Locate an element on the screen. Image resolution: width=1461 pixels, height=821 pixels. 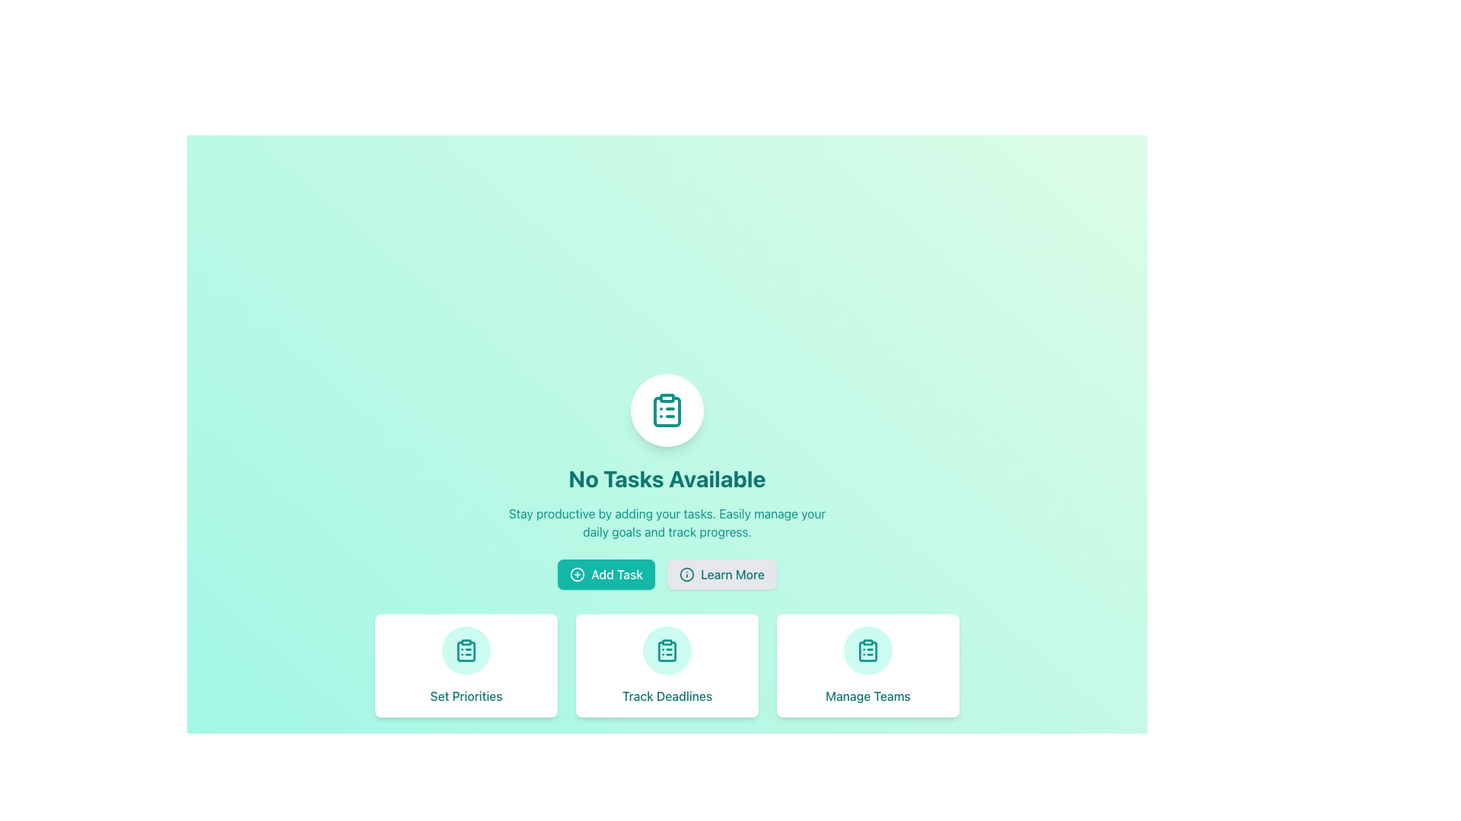
the circular icon with a border and central vertical line, which is the leftmost part of the 'Learn More' button below the headline 'No Tasks Available' is located at coordinates (686, 575).